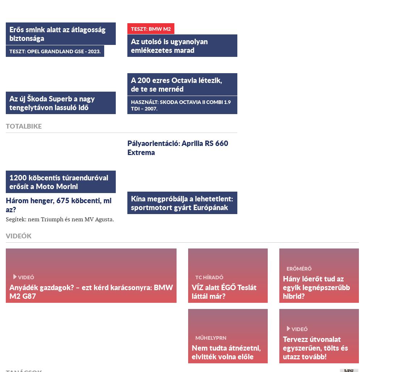 This screenshot has width=394, height=372. Describe the element at coordinates (59, 204) in the screenshot. I see `'Három henger, 675 köbcenti, mi az?'` at that location.